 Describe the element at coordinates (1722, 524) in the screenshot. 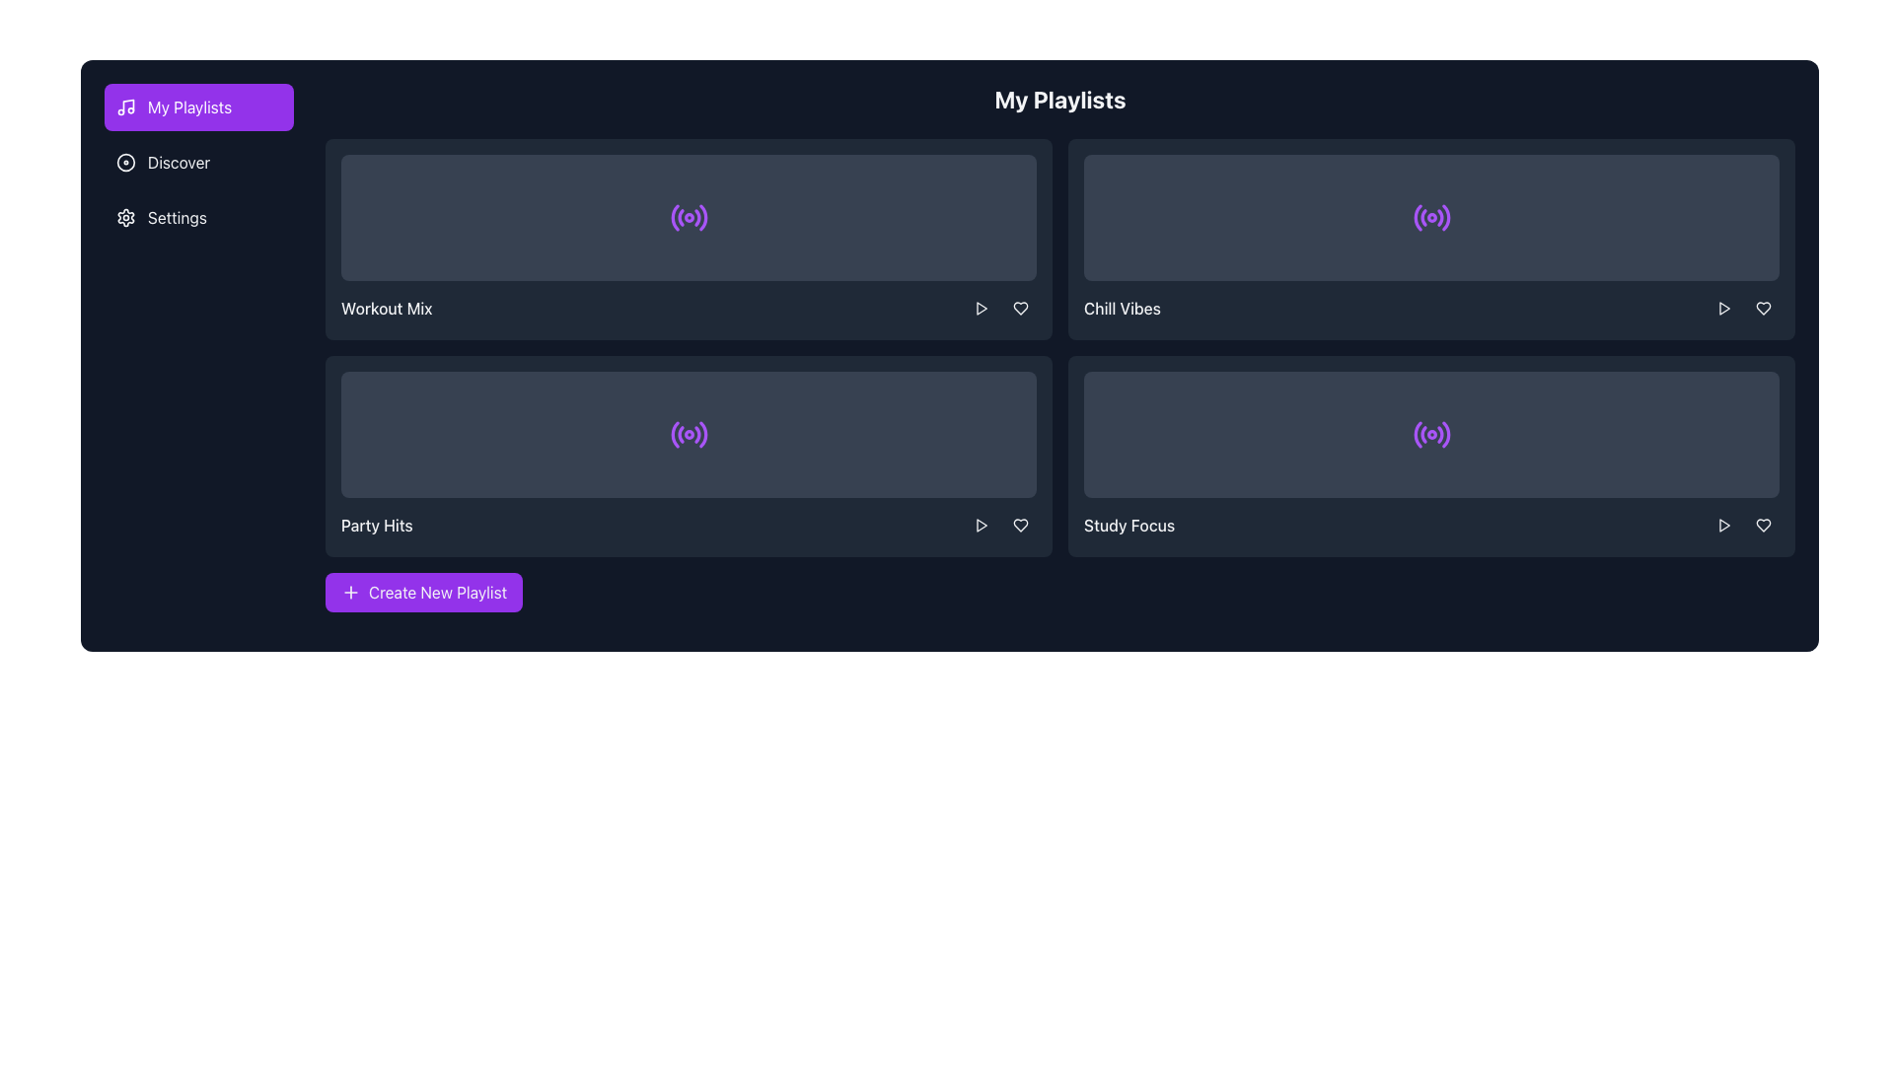

I see `the circular play button located at the bottom-right of the 'Study Focus' playlist card to play the associated media` at that location.